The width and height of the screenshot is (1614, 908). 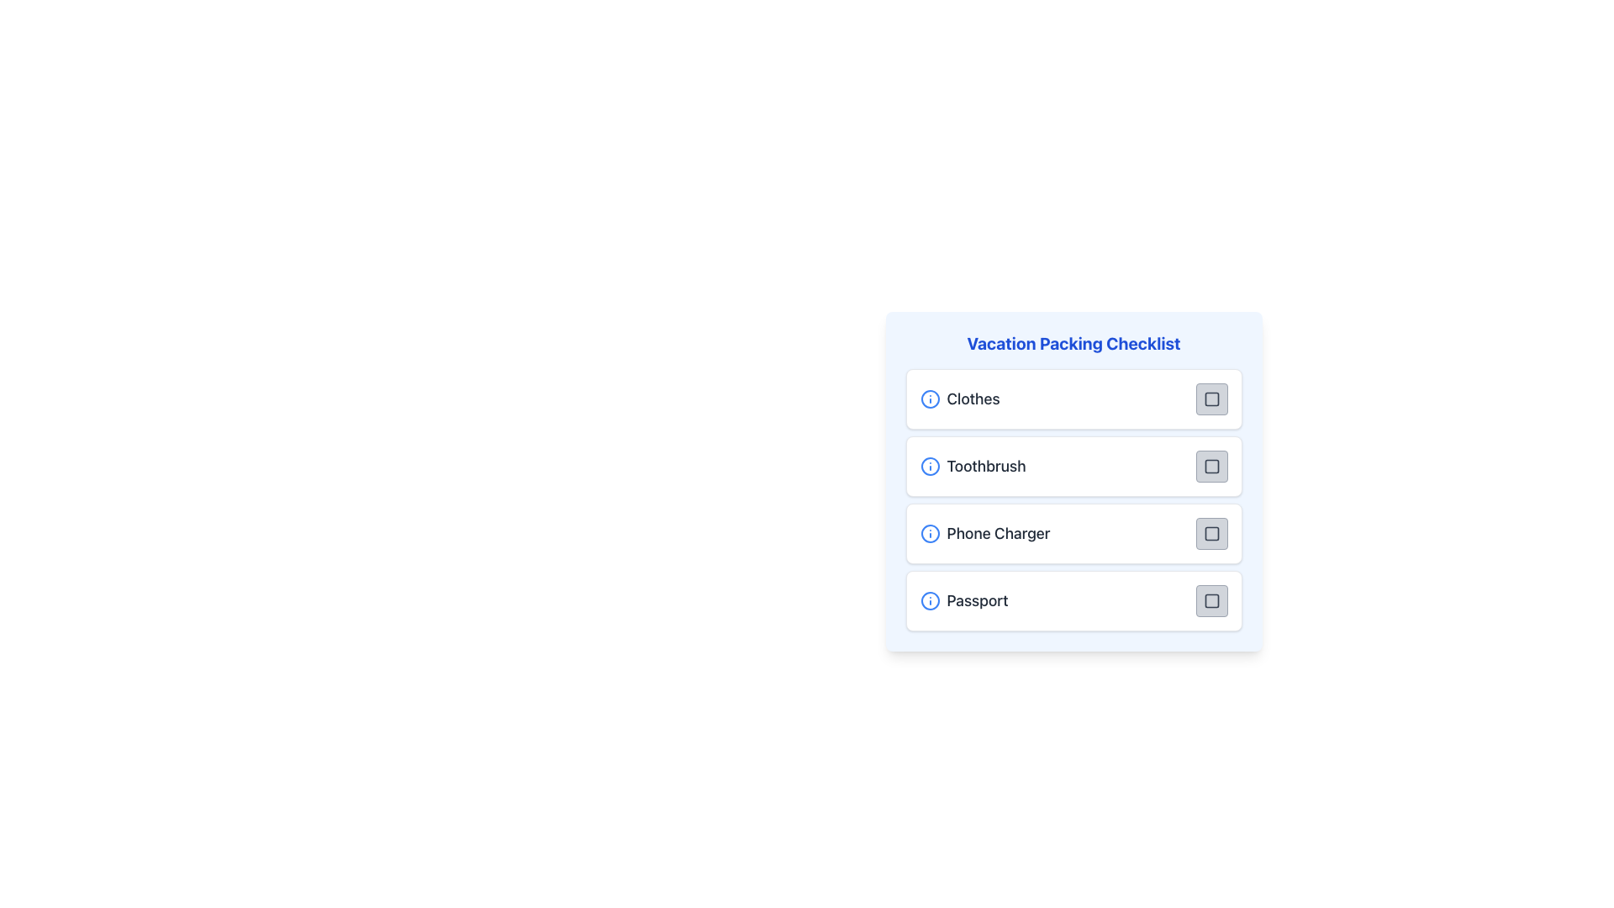 I want to click on the blue circular informational icon located to the left of the text 'Toothbrush' in the second row of the 'Vacation Packing Checklist', so click(x=929, y=467).